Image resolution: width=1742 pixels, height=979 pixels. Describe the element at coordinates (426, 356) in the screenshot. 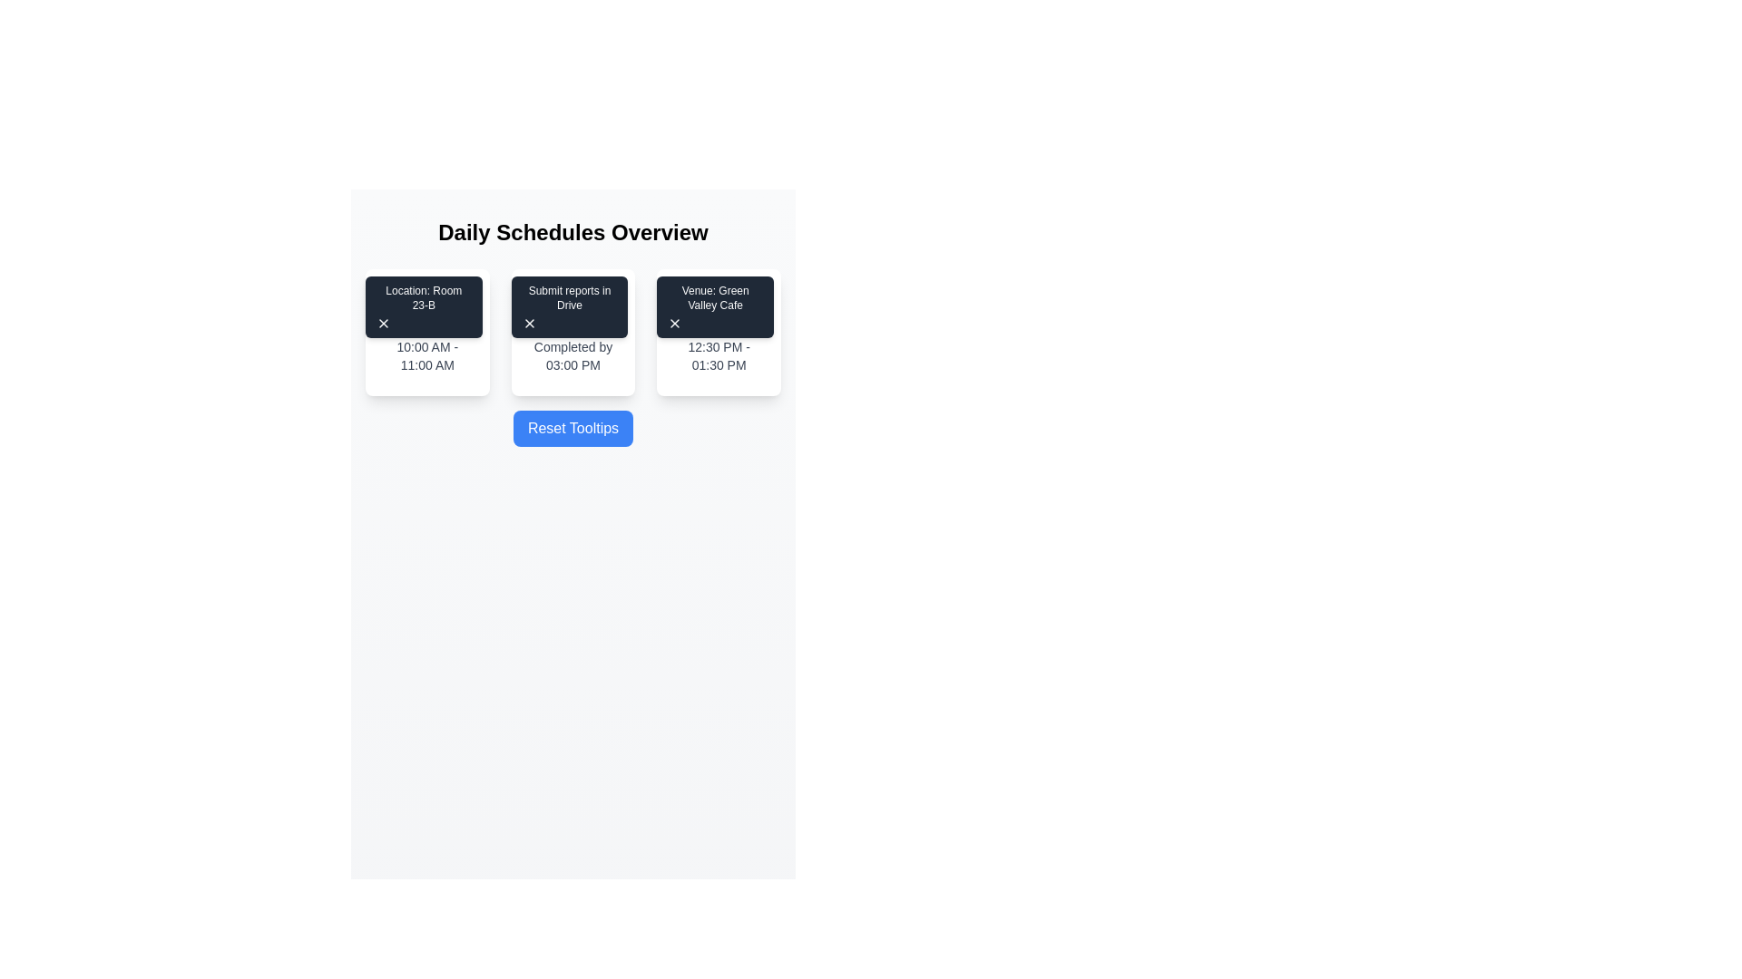

I see `the static informational text displaying the time range for the 'Marketing Meeting' event, which is located beneath the title in the top-left card of the layout` at that location.